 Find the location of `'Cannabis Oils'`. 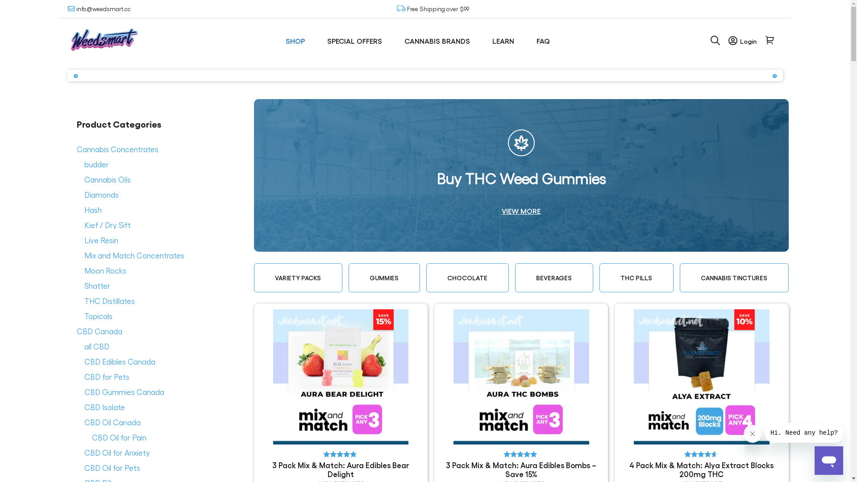

'Cannabis Oils' is located at coordinates (107, 179).